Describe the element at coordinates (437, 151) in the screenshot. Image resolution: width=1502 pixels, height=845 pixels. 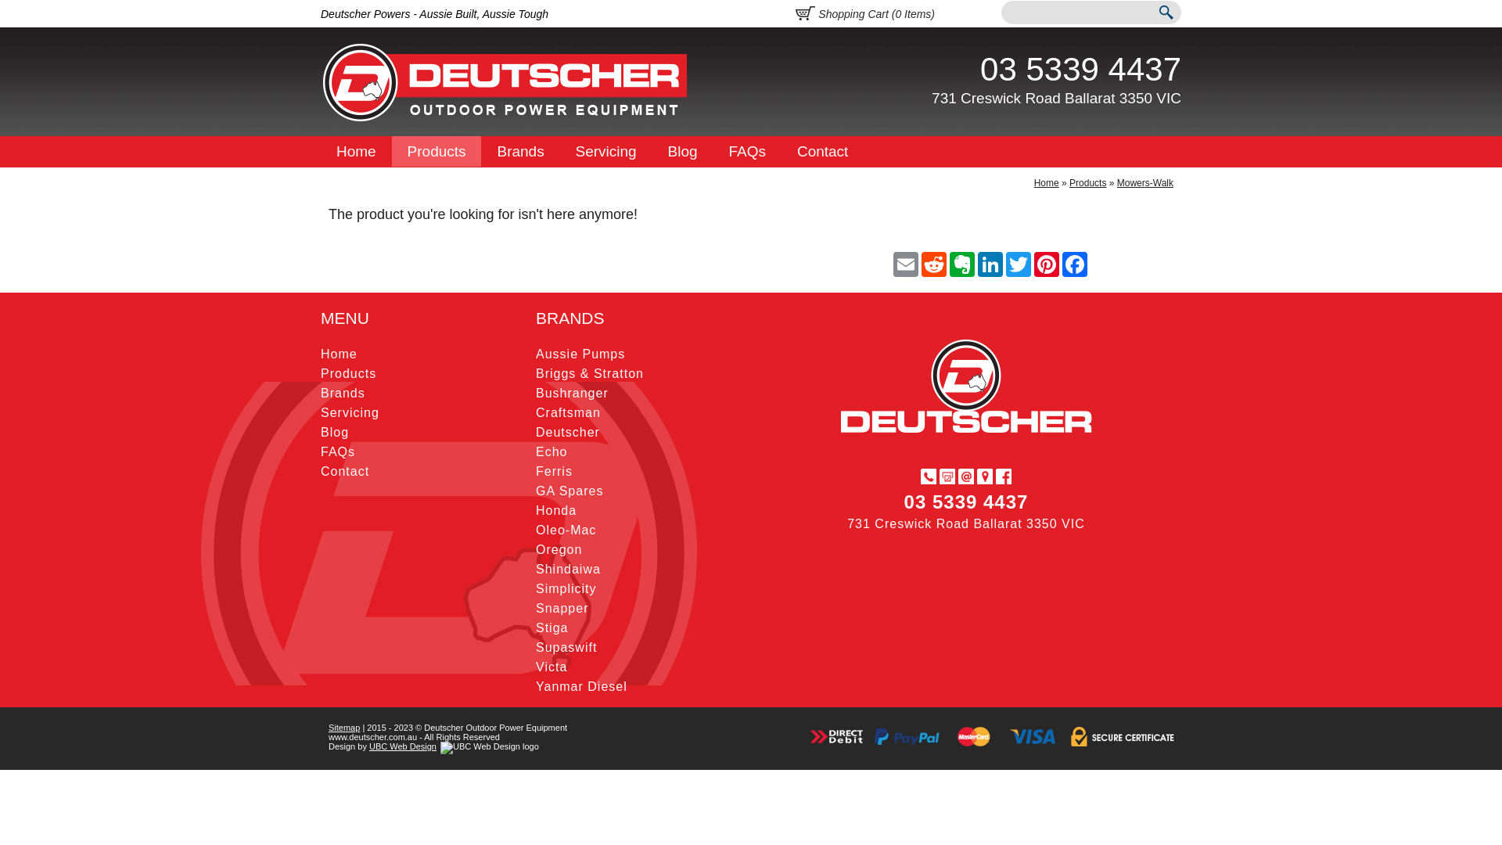
I see `'Products'` at that location.